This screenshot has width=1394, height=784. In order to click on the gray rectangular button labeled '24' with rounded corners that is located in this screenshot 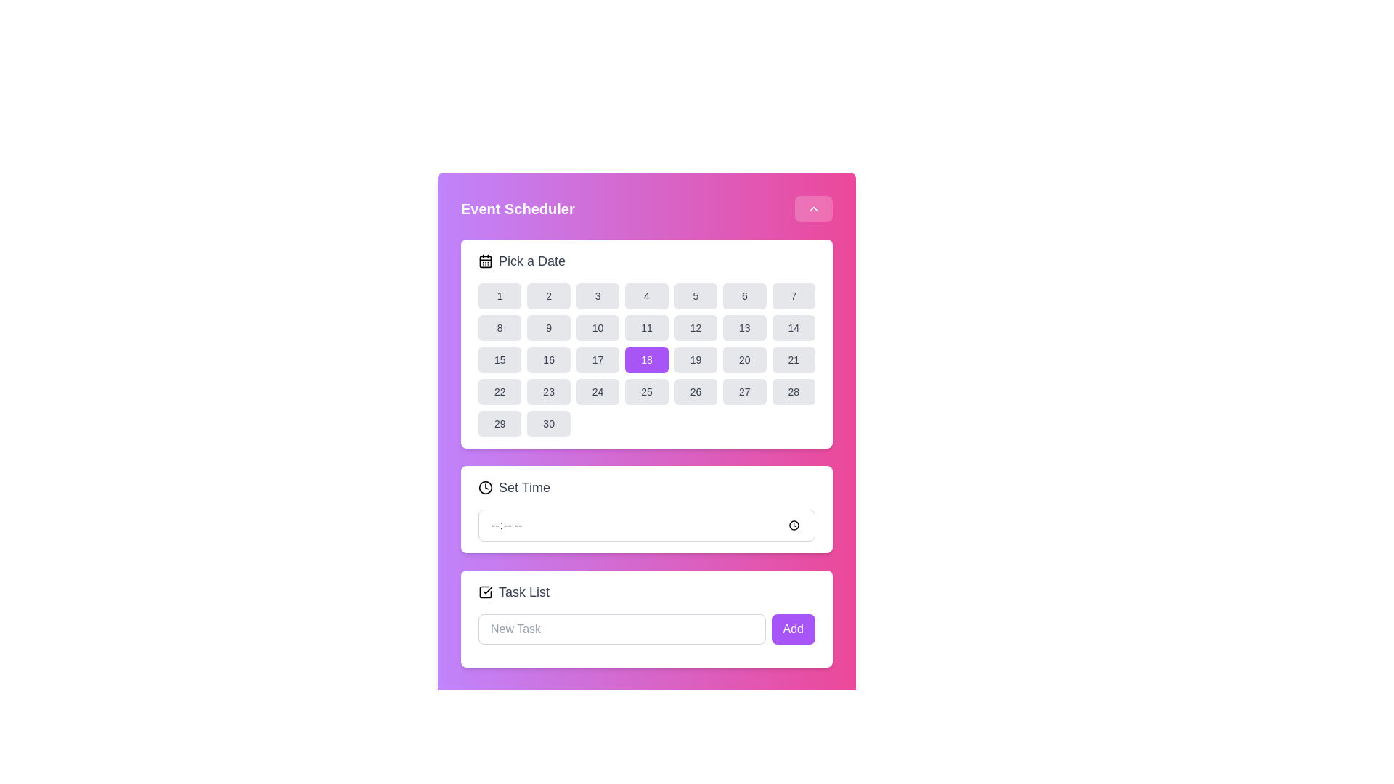, I will do `click(598, 392)`.